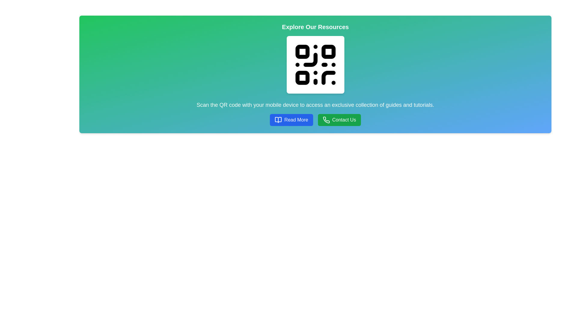  What do you see at coordinates (315, 26) in the screenshot?
I see `the text element displaying 'Explore Our Resources' in bold, extra-large white font against a gradient background` at bounding box center [315, 26].